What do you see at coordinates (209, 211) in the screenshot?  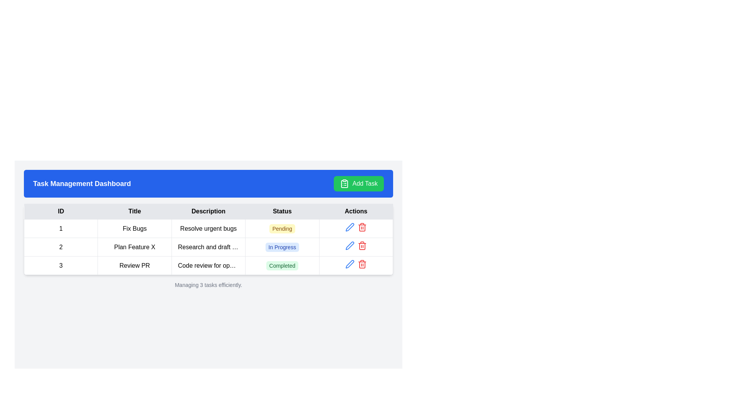 I see `'Description' column header, which is the third column header in the table, positioned between 'Title' and 'Status'` at bounding box center [209, 211].